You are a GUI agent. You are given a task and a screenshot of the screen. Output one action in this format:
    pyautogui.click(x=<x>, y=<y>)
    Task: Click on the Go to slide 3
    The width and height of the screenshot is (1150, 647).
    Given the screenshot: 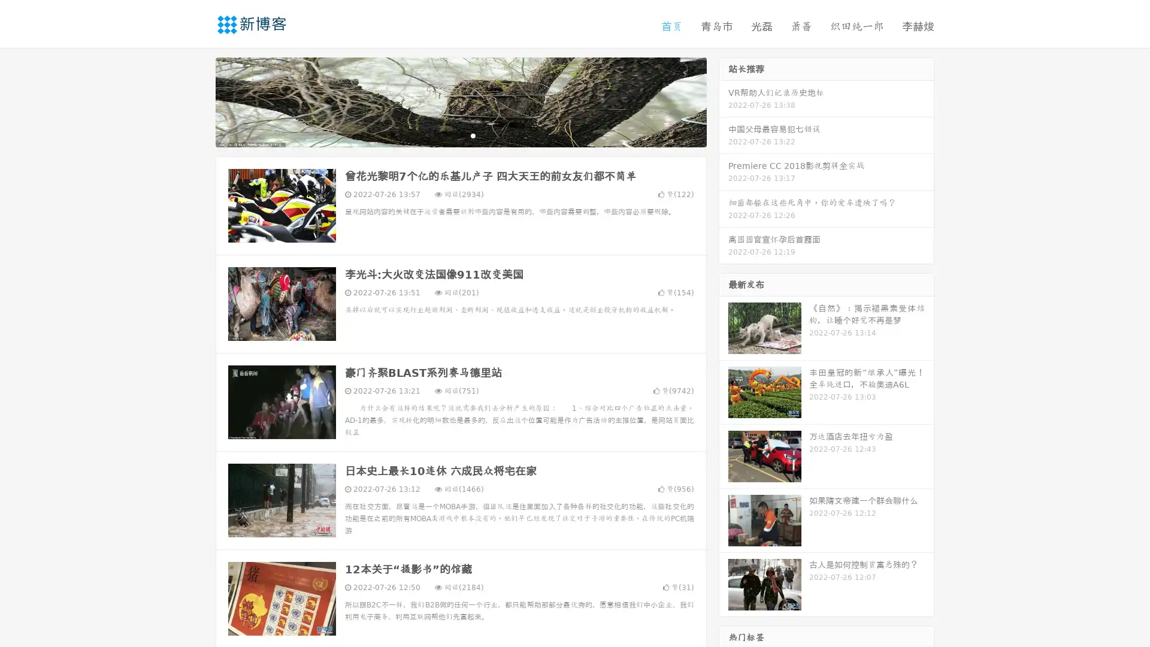 What is the action you would take?
    pyautogui.click(x=473, y=135)
    